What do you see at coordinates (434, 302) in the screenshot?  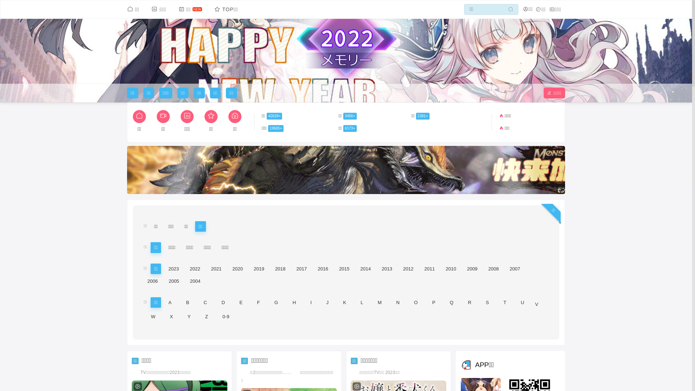 I see `'P'` at bounding box center [434, 302].